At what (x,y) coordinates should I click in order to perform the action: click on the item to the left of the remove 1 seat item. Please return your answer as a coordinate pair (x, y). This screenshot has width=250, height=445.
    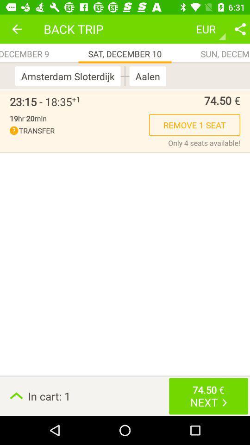
    Looking at the image, I should click on (28, 118).